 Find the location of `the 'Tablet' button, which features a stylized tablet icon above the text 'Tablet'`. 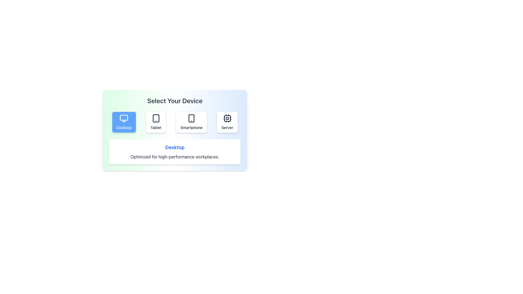

the 'Tablet' button, which features a stylized tablet icon above the text 'Tablet' is located at coordinates (156, 122).